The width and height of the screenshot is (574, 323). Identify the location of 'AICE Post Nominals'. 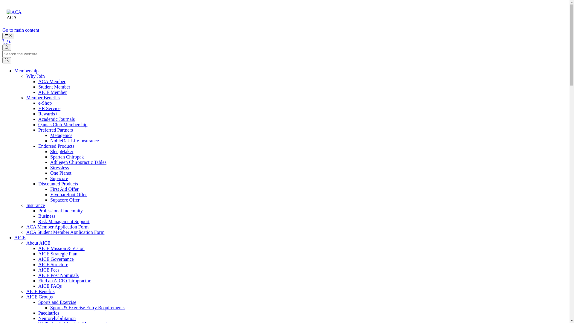
(58, 275).